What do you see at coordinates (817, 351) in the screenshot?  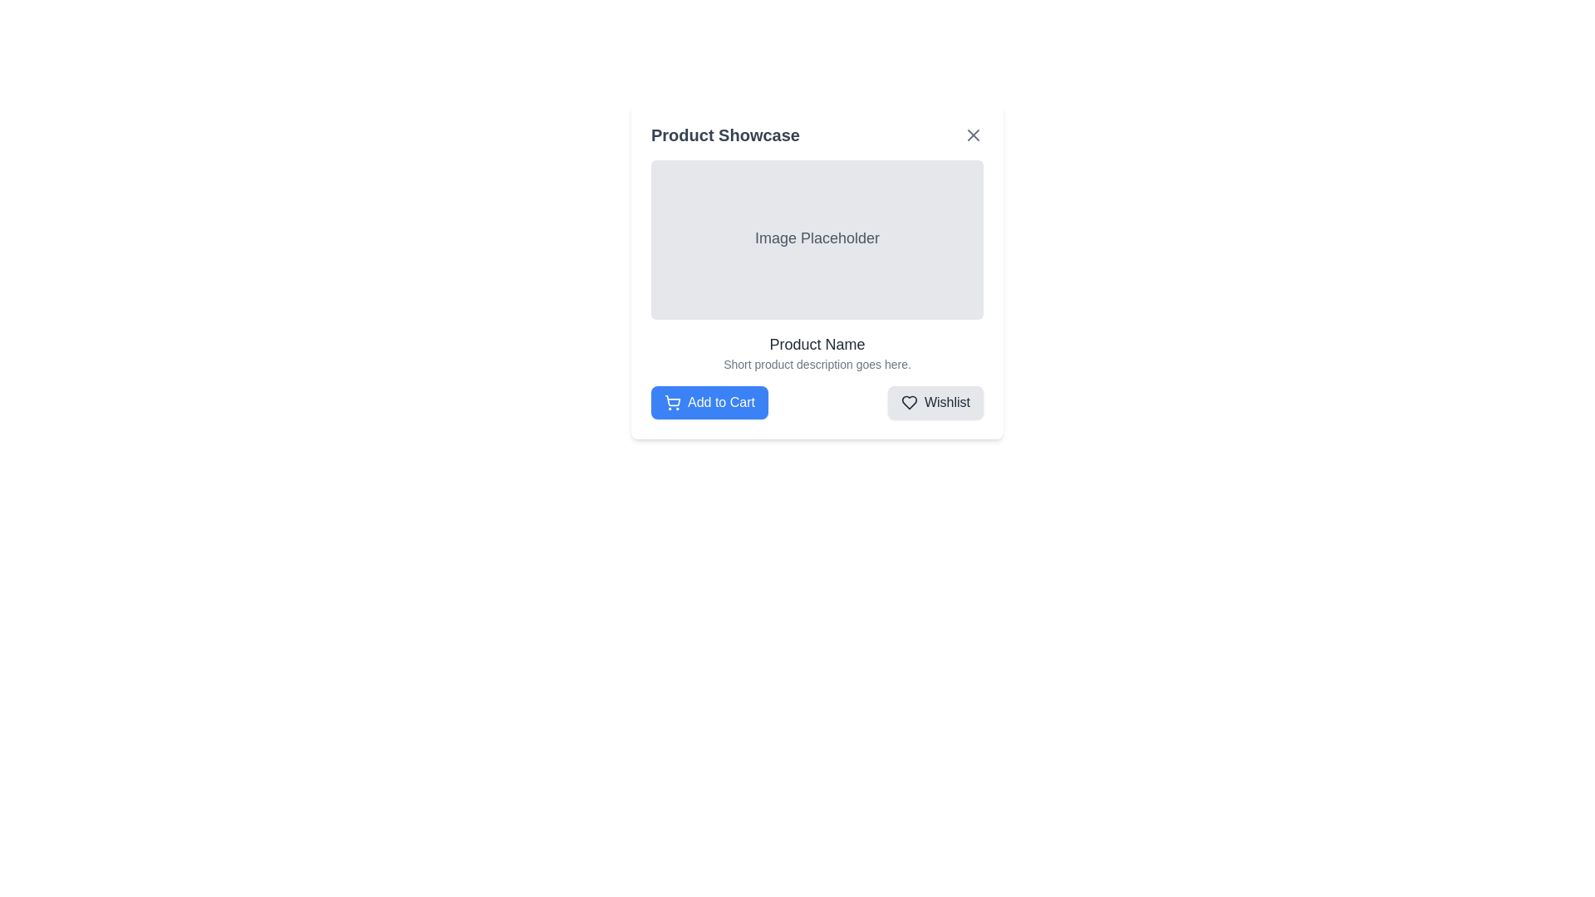 I see `product description from the text block that displays the product name and its smaller description, located at the center of the card layout` at bounding box center [817, 351].